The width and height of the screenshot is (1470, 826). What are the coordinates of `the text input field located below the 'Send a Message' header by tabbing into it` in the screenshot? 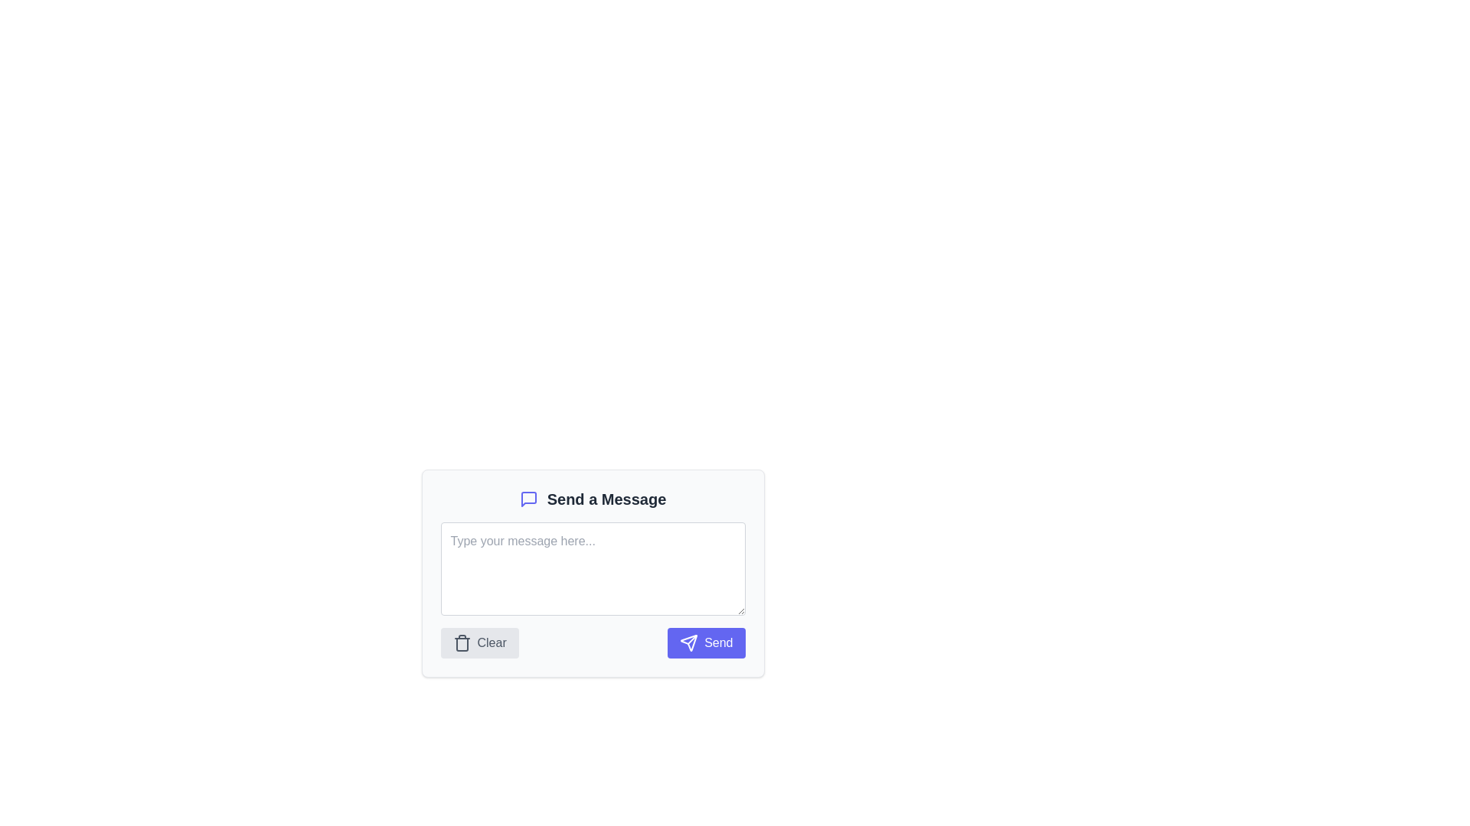 It's located at (592, 573).